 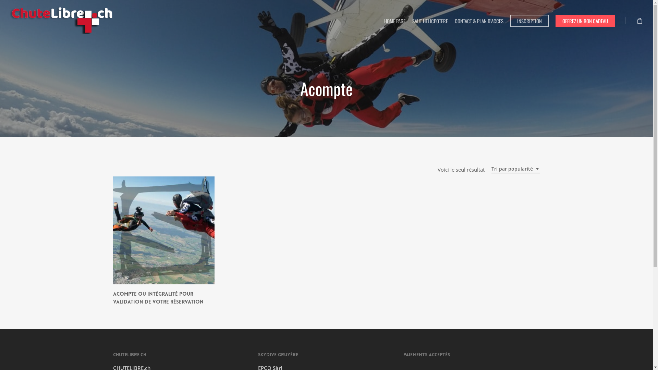 I want to click on 'INSCRIPTION', so click(x=529, y=20).